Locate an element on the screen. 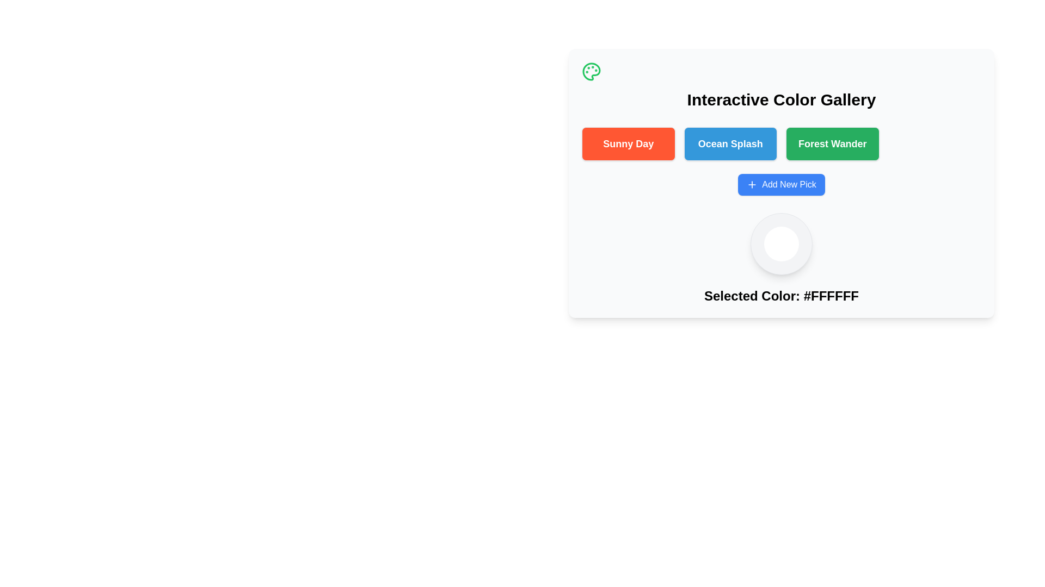 This screenshot has width=1045, height=587. the button labeled 'Ocean Splash', which is a rectangular, rounded button with a light blue background and bold white text is located at coordinates (730, 143).